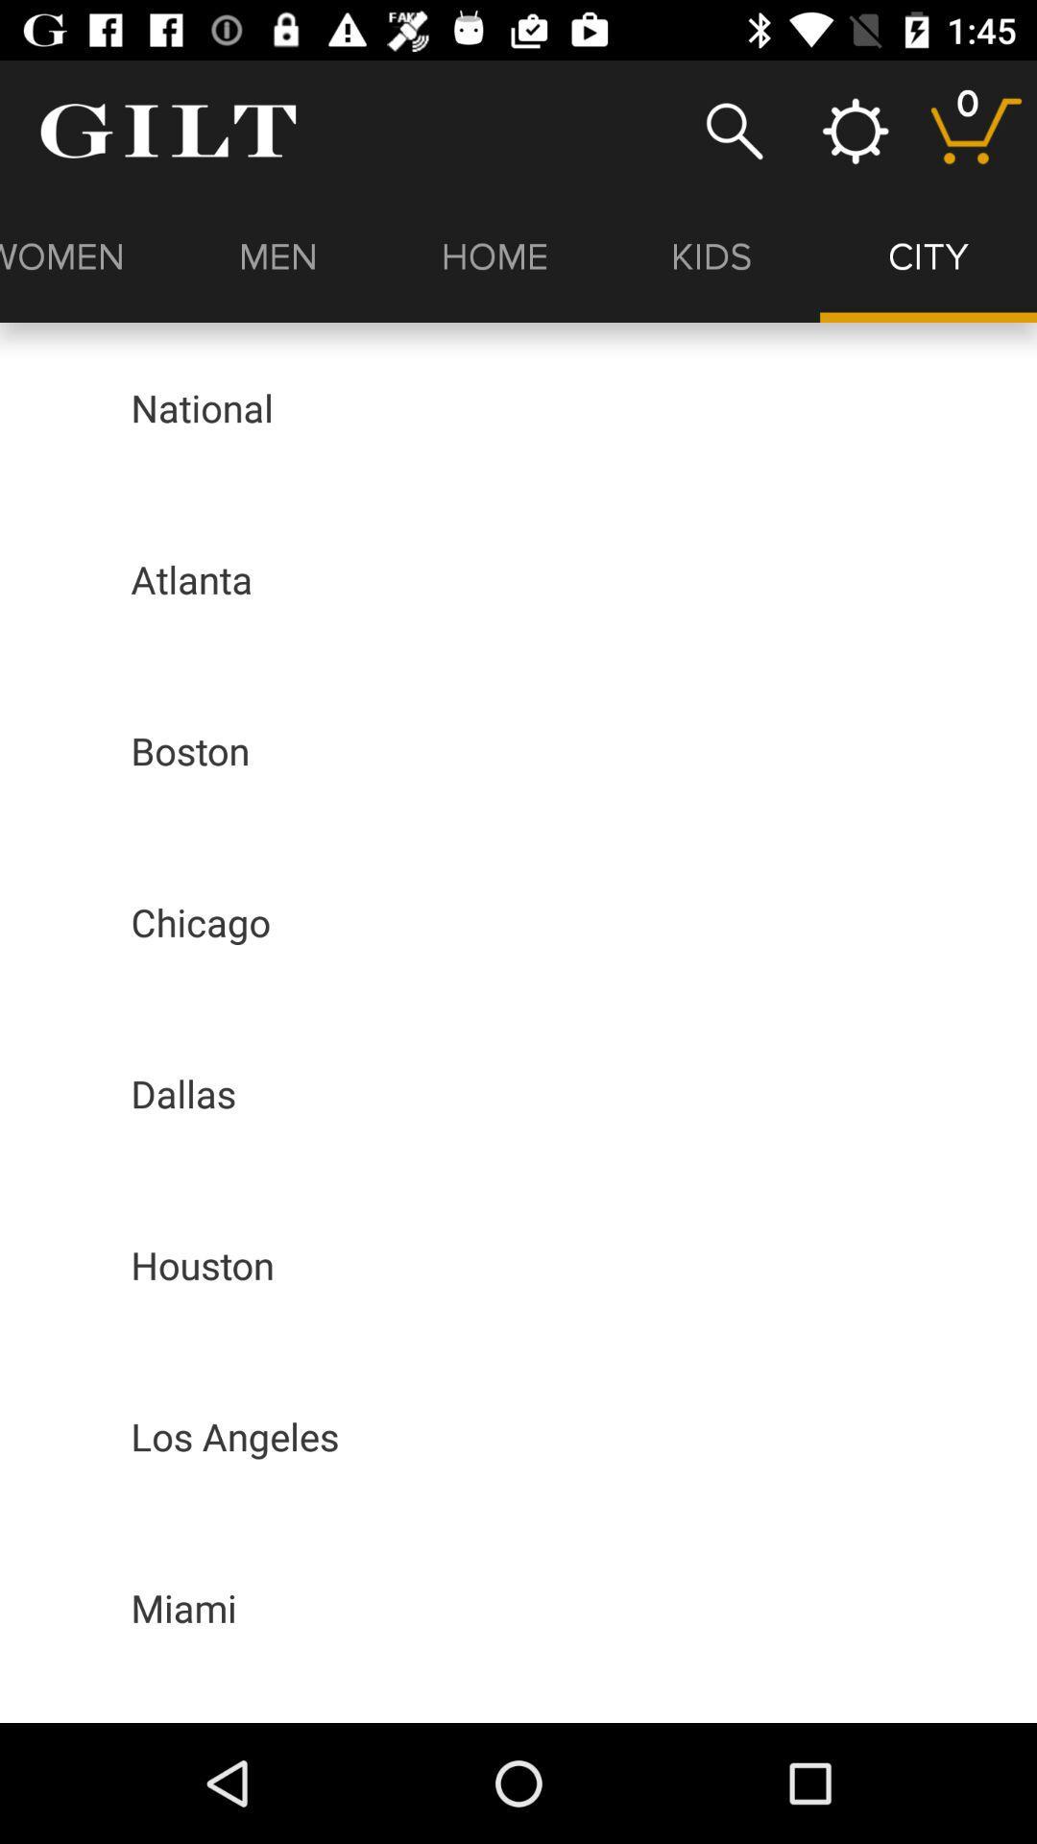 The height and width of the screenshot is (1844, 1037). Describe the element at coordinates (201, 922) in the screenshot. I see `the chicago icon` at that location.